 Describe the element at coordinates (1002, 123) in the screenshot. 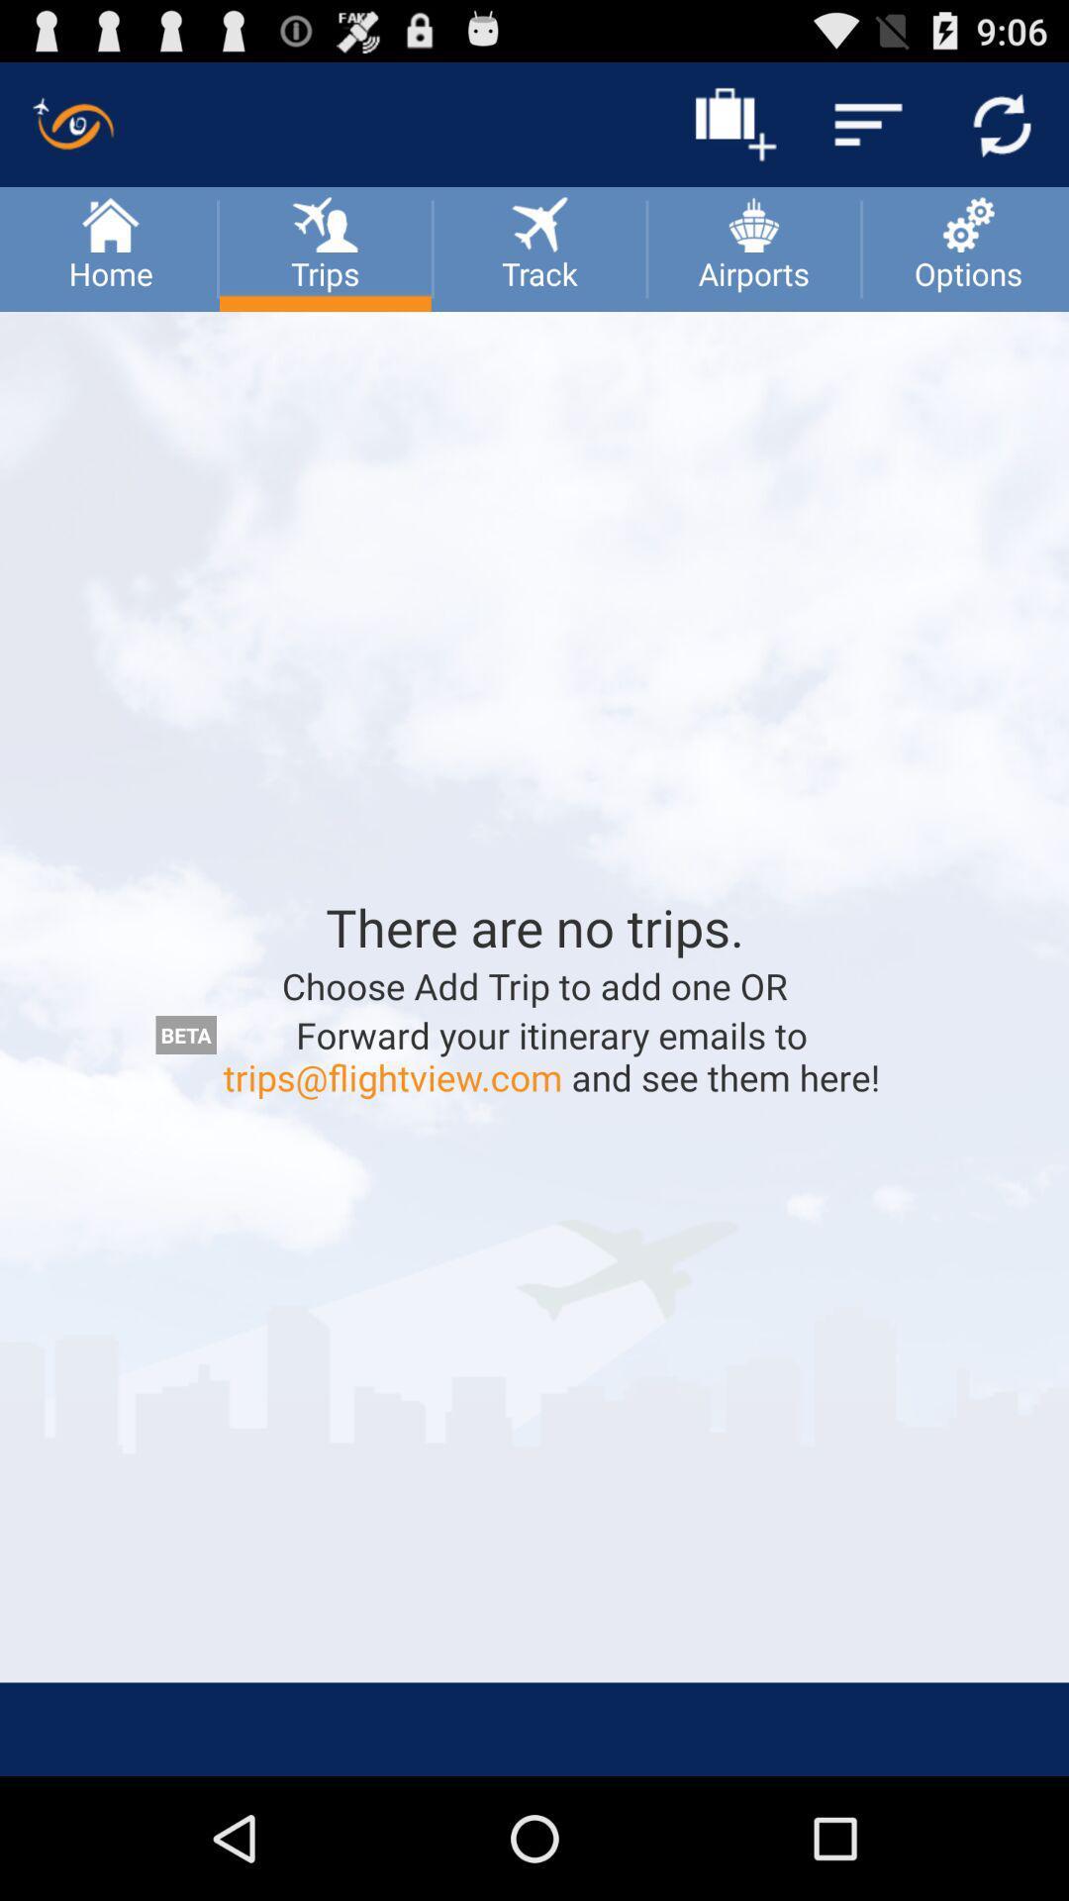

I see `icon below time` at that location.